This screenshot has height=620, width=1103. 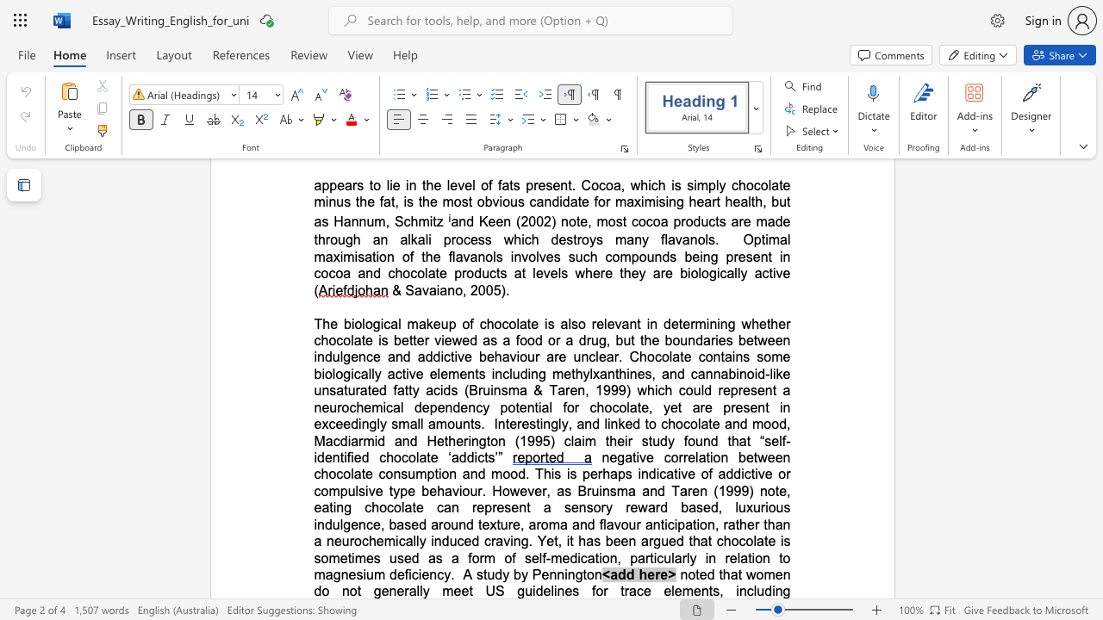 I want to click on the subset text "y m" within the text "generally meet", so click(x=422, y=590).